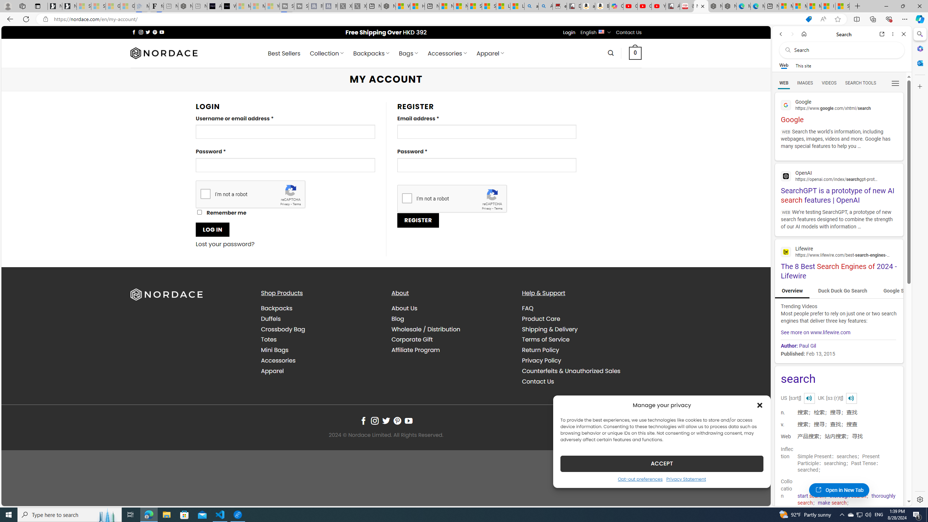 The height and width of the screenshot is (522, 928). I want to click on 'Side bar', so click(920, 266).